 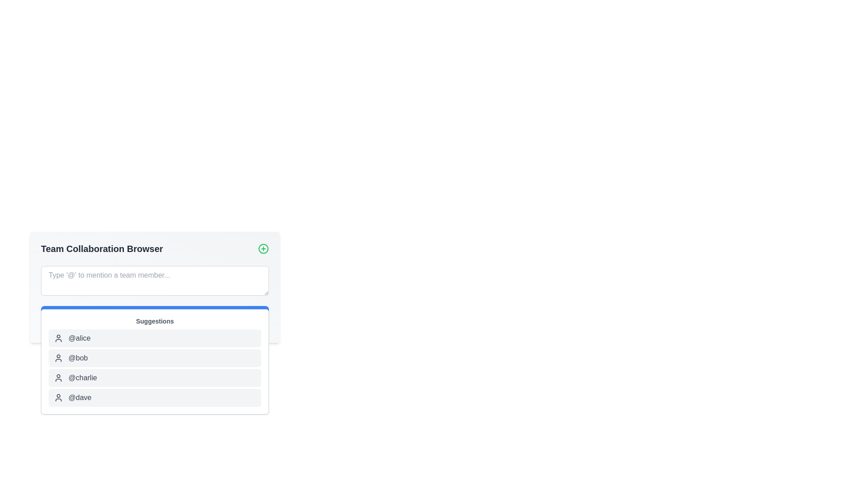 I want to click on the list item representing user '@dave' in the dropdown menu, so click(x=155, y=397).